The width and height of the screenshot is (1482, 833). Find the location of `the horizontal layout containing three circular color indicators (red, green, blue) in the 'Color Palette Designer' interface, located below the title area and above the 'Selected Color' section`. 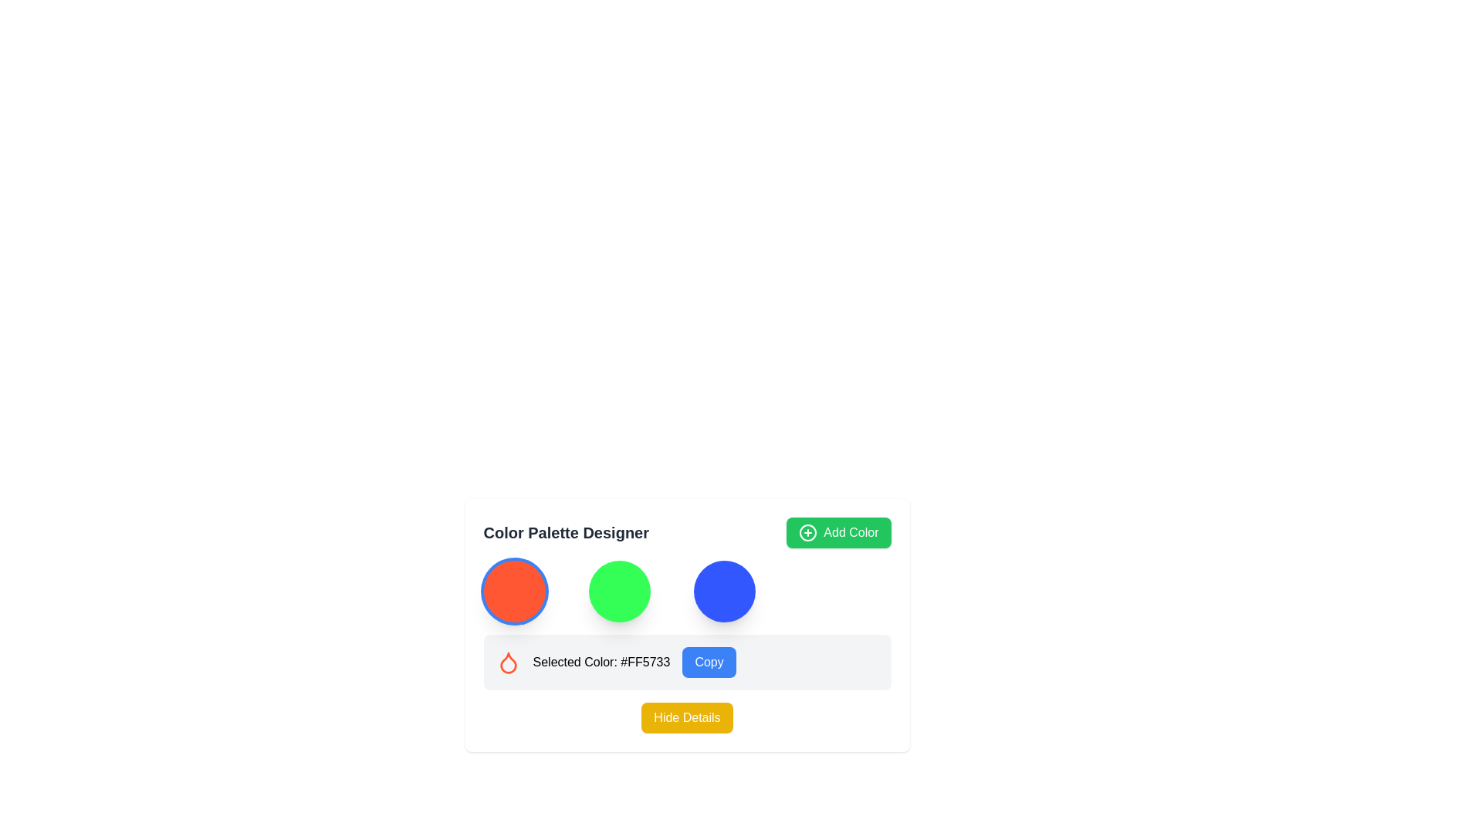

the horizontal layout containing three circular color indicators (red, green, blue) in the 'Color Palette Designer' interface, located below the title area and above the 'Selected Color' section is located at coordinates (686, 591).